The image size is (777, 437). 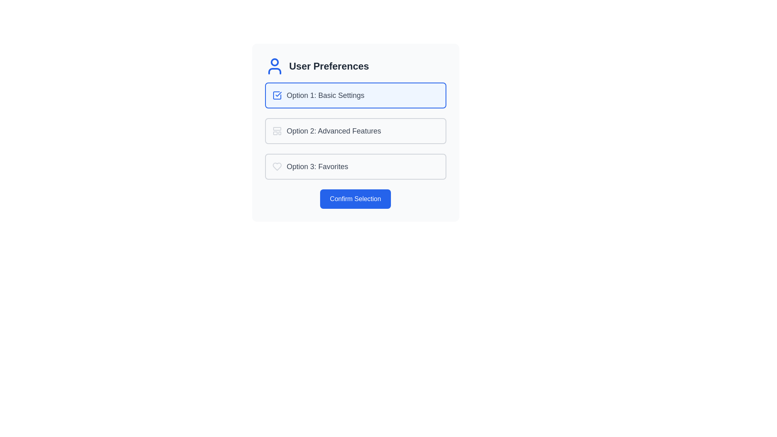 What do you see at coordinates (277, 95) in the screenshot?
I see `the checkmark icon within the checkbox of the 'Option 1: Basic Settings' card, which is styled in blue and indicates selection` at bounding box center [277, 95].